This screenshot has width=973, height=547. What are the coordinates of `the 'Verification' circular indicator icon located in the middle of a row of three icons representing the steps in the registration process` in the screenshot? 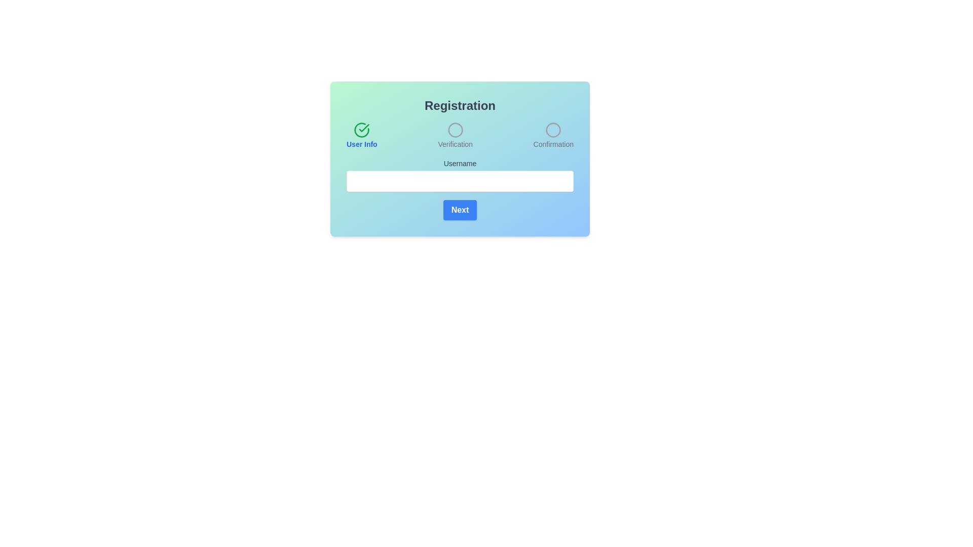 It's located at (455, 130).